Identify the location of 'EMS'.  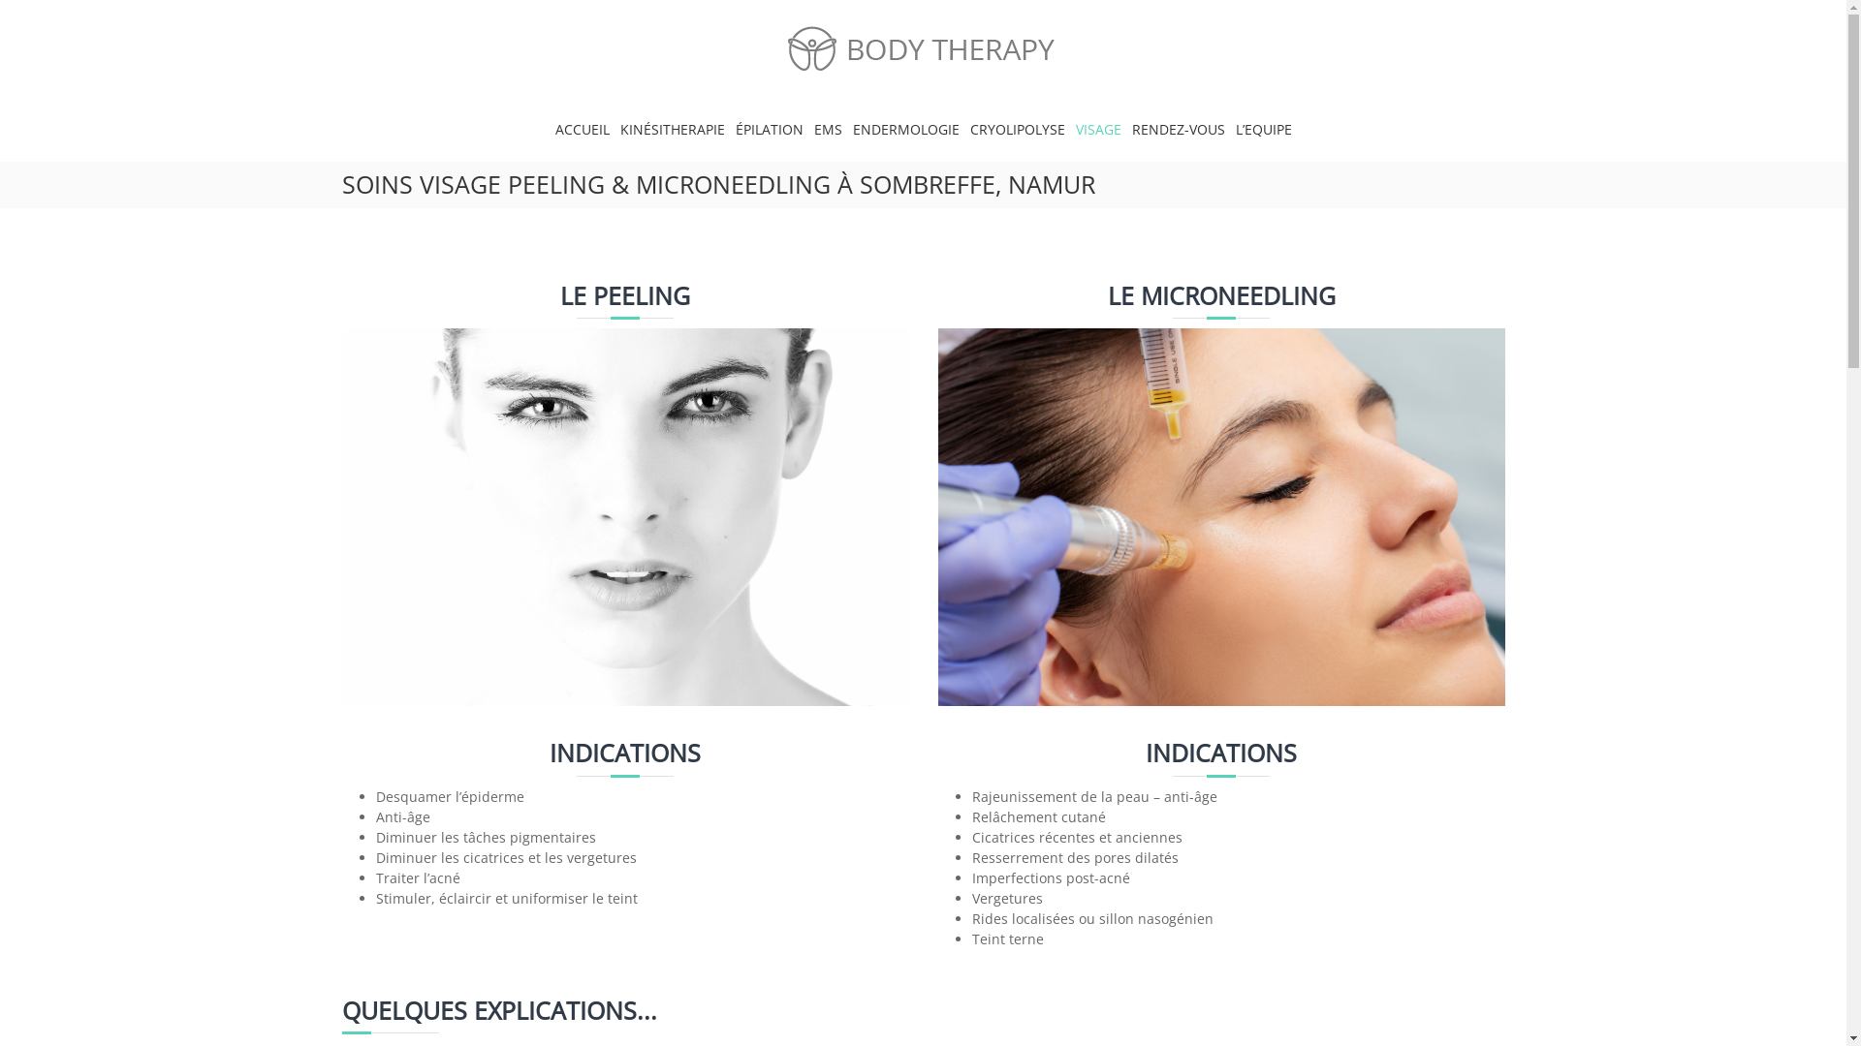
(828, 129).